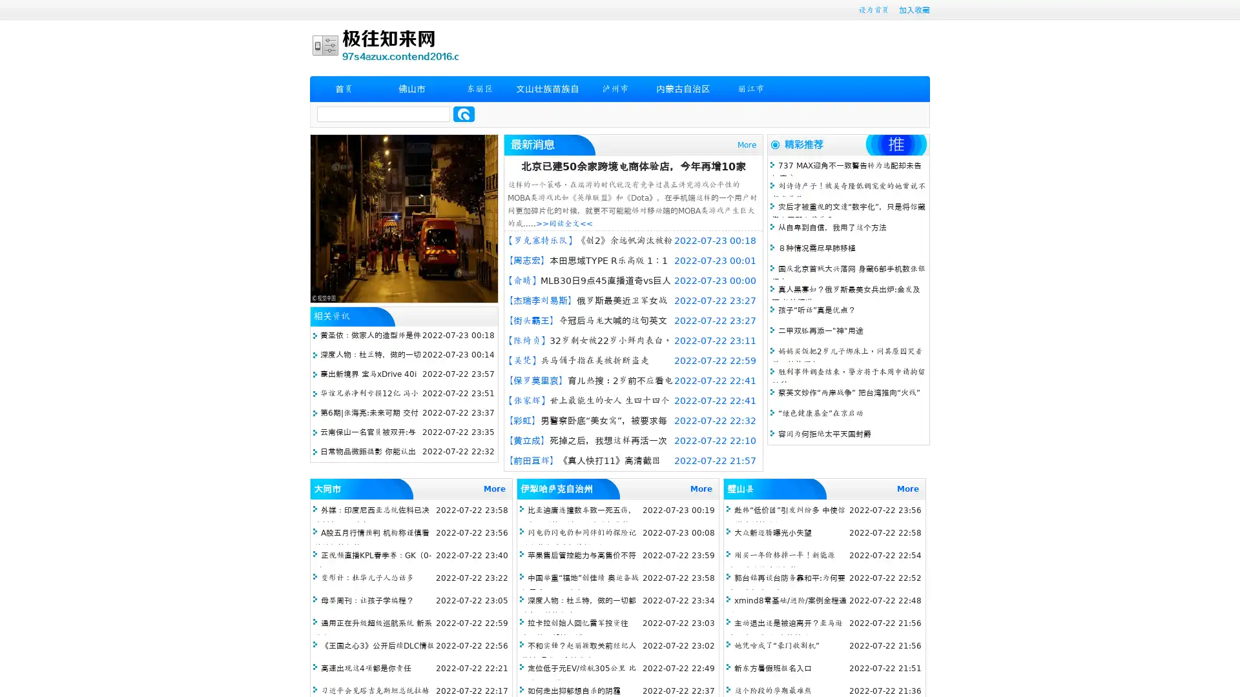 Image resolution: width=1240 pixels, height=697 pixels. I want to click on Search, so click(464, 114).